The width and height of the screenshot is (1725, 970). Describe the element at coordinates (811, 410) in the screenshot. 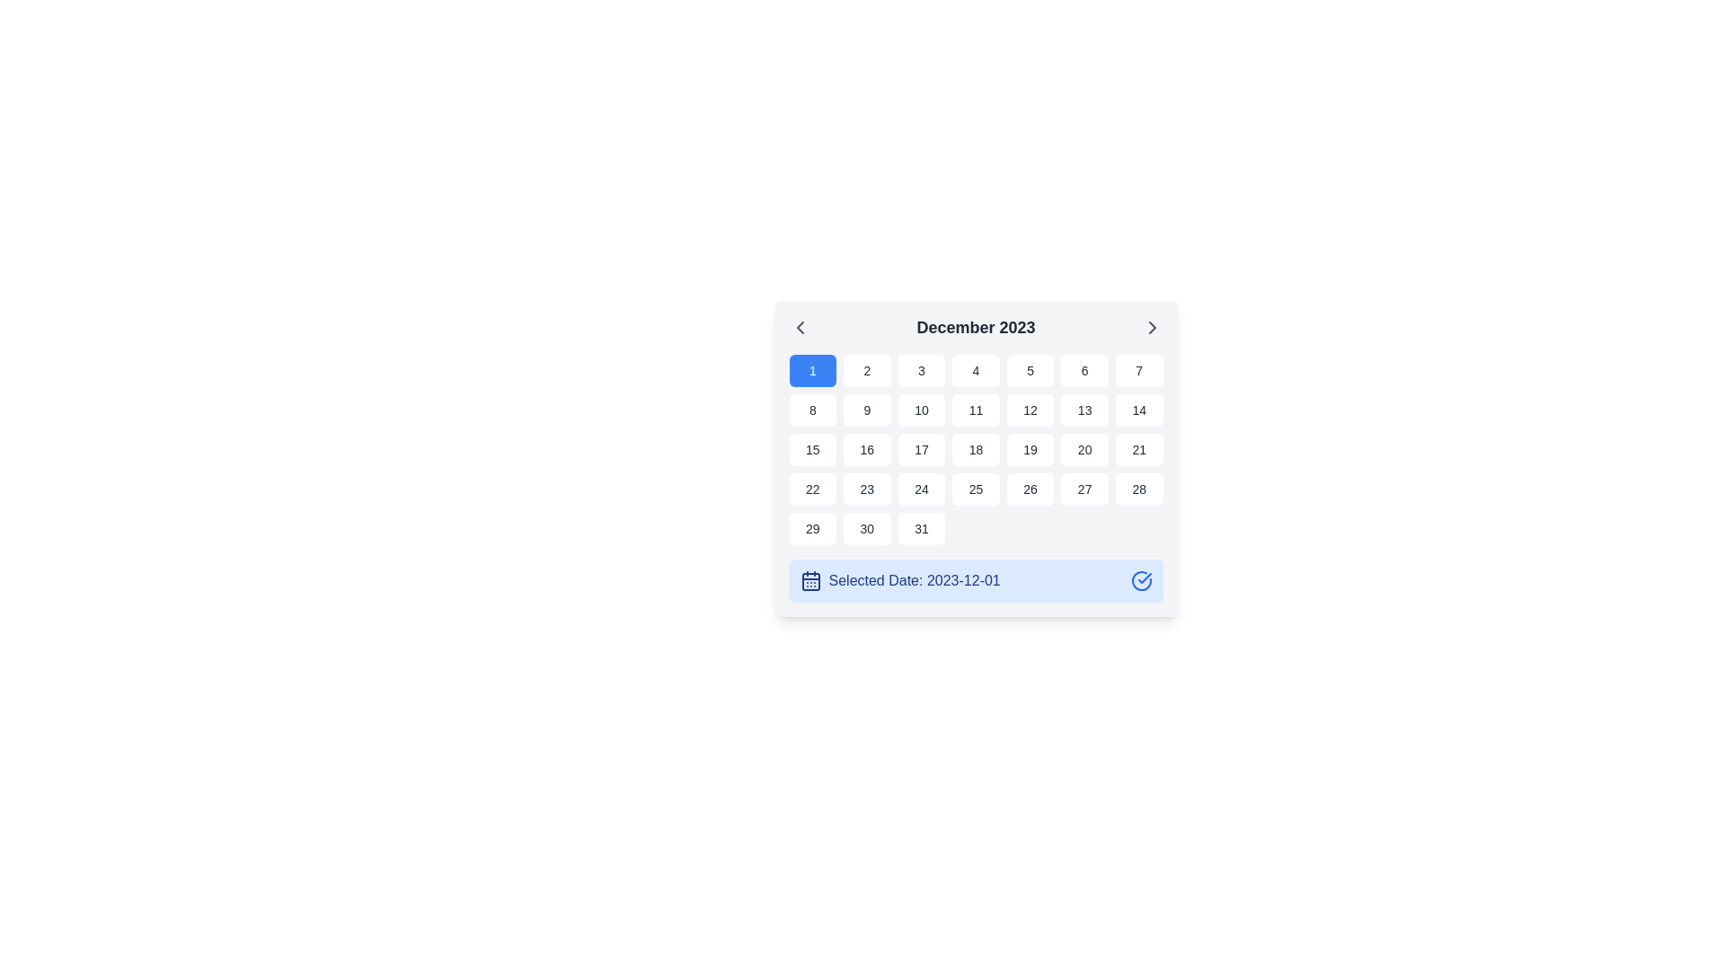

I see `the button labeled '8', which represents the 8th day of the month in the calendar interface` at that location.